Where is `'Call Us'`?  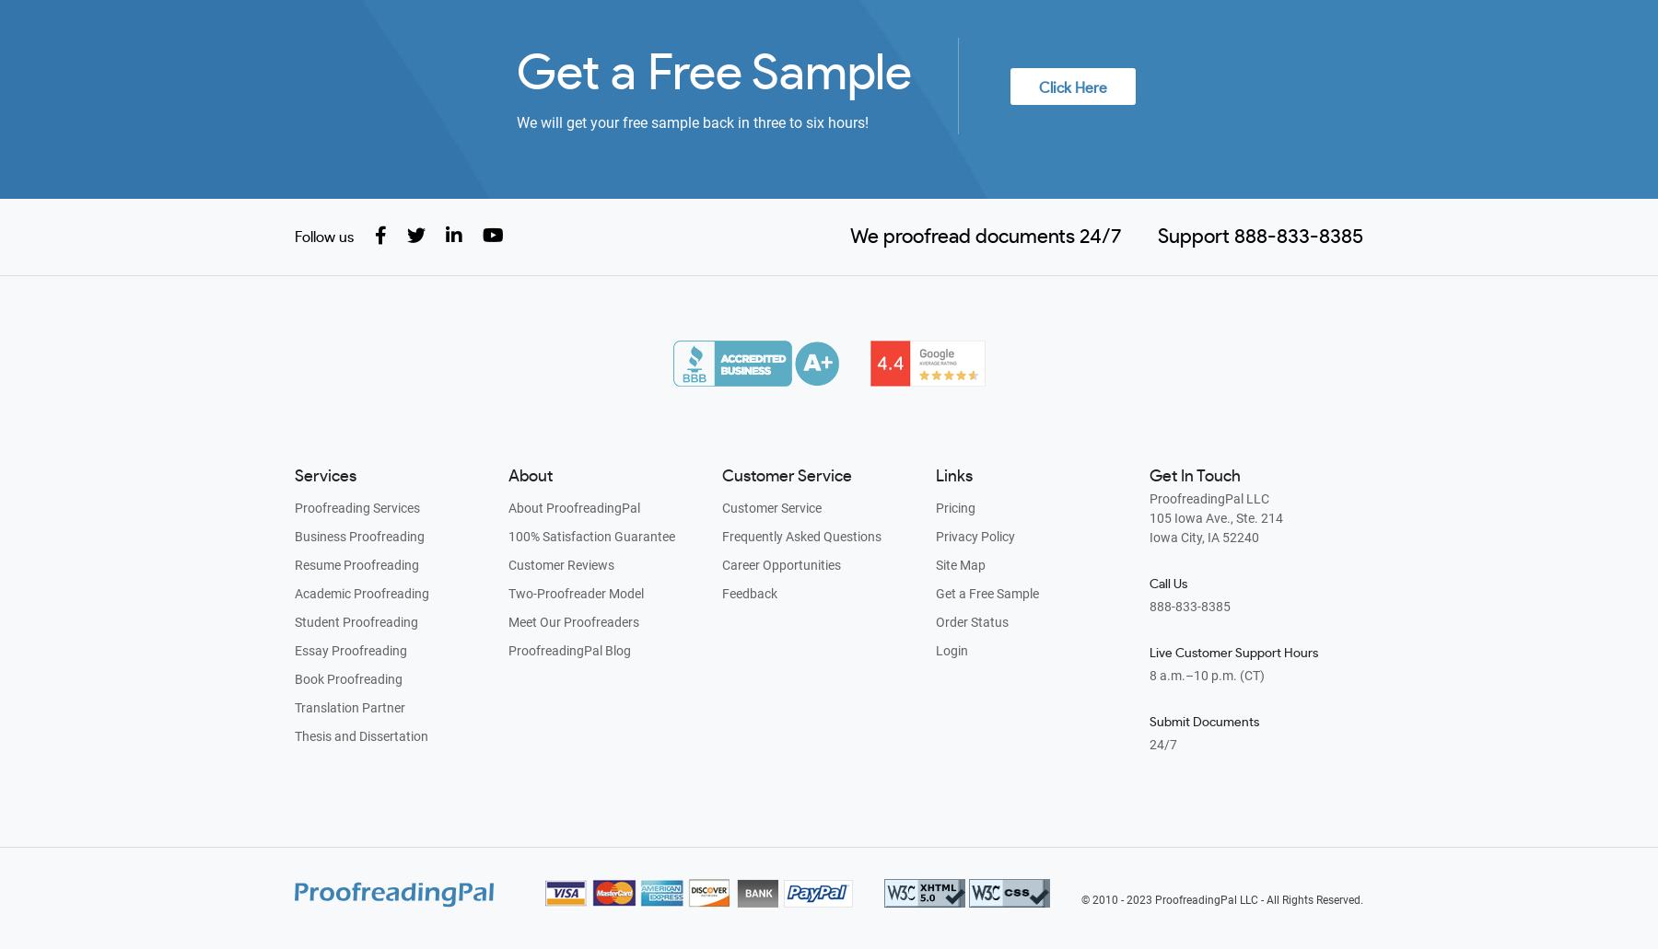
'Call Us' is located at coordinates (1168, 584).